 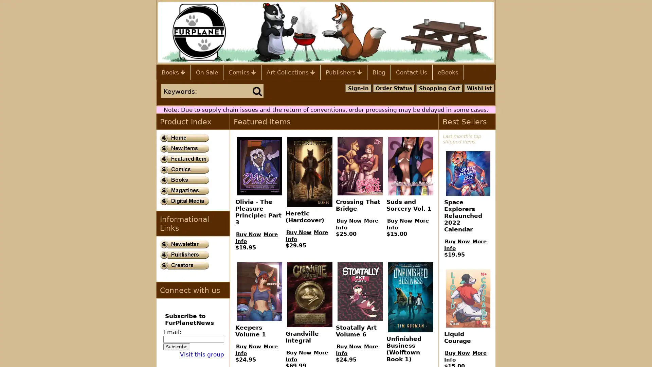 I want to click on Shopping Cart, so click(x=439, y=87).